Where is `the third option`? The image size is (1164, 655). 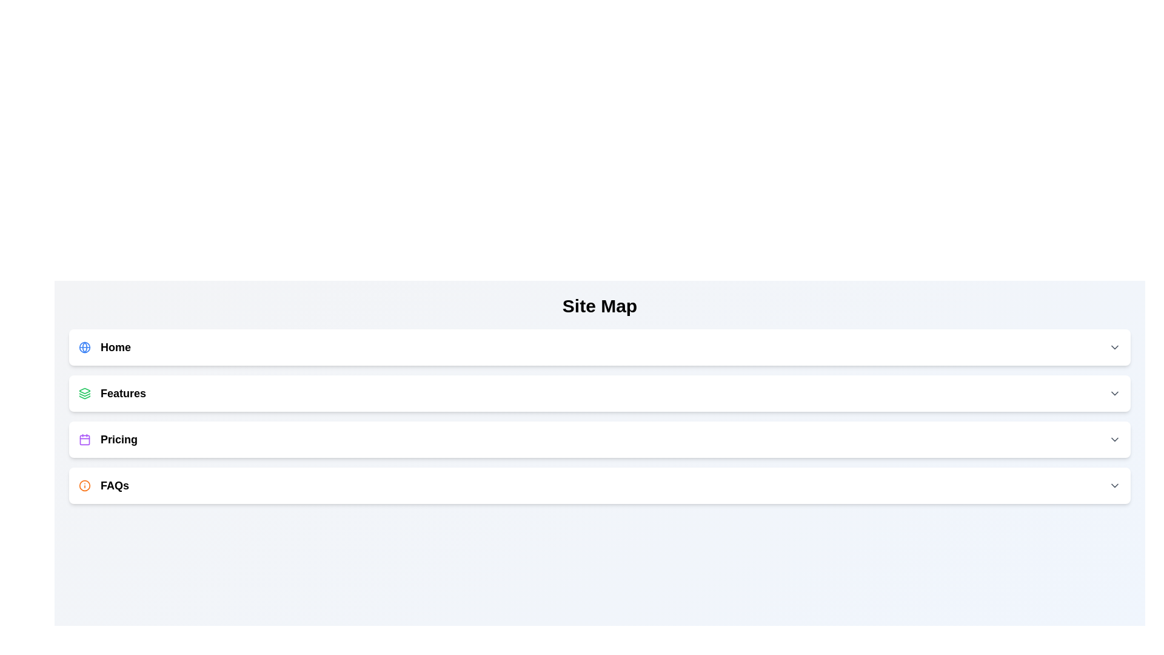 the third option is located at coordinates (600, 440).